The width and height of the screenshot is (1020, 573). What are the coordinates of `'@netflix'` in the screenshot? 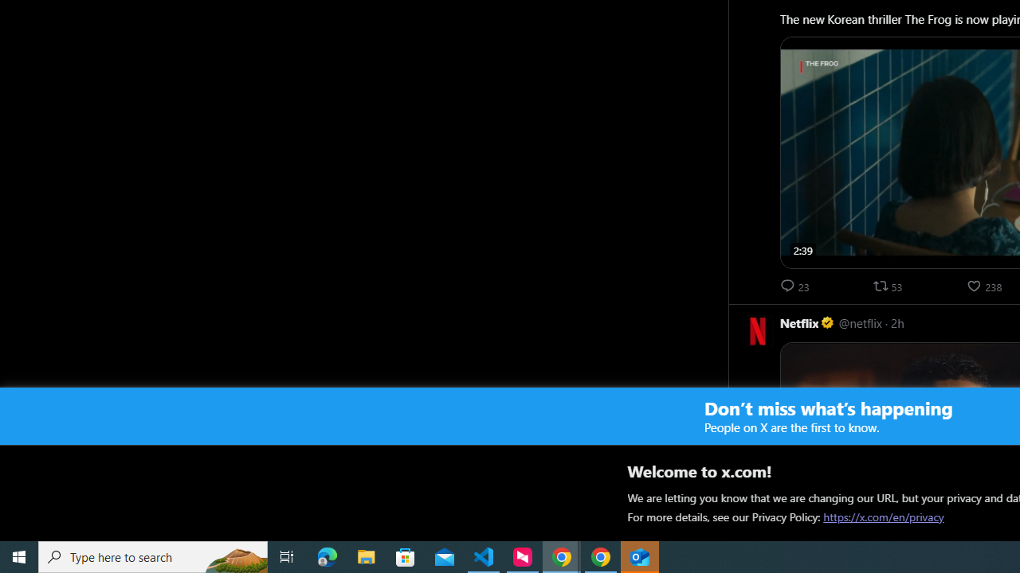 It's located at (859, 322).